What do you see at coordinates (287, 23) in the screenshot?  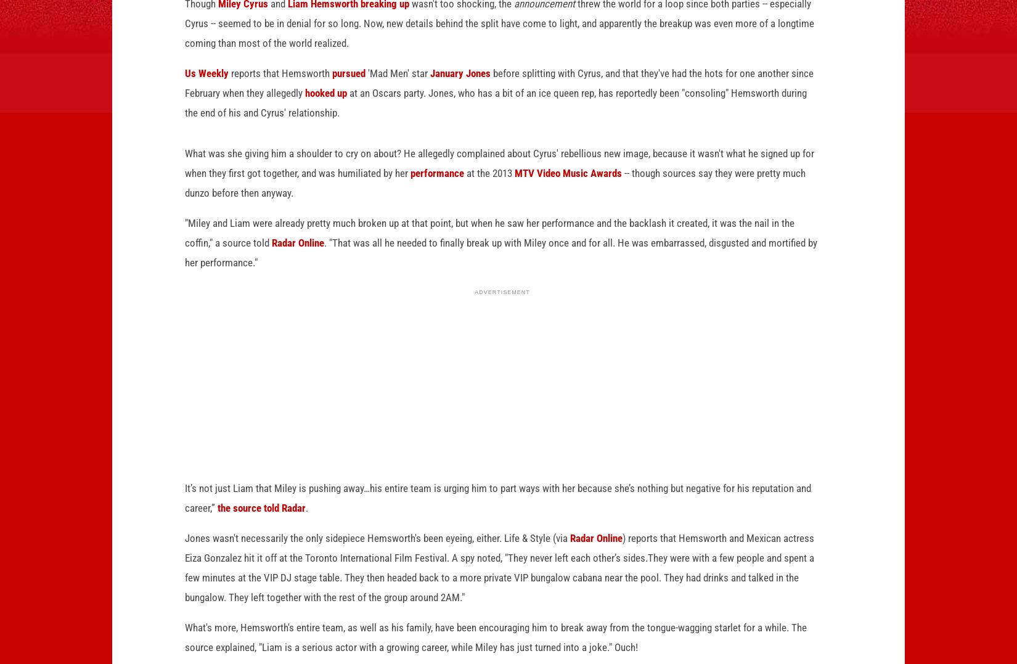 I see `'Liam Hemsworth'` at bounding box center [287, 23].